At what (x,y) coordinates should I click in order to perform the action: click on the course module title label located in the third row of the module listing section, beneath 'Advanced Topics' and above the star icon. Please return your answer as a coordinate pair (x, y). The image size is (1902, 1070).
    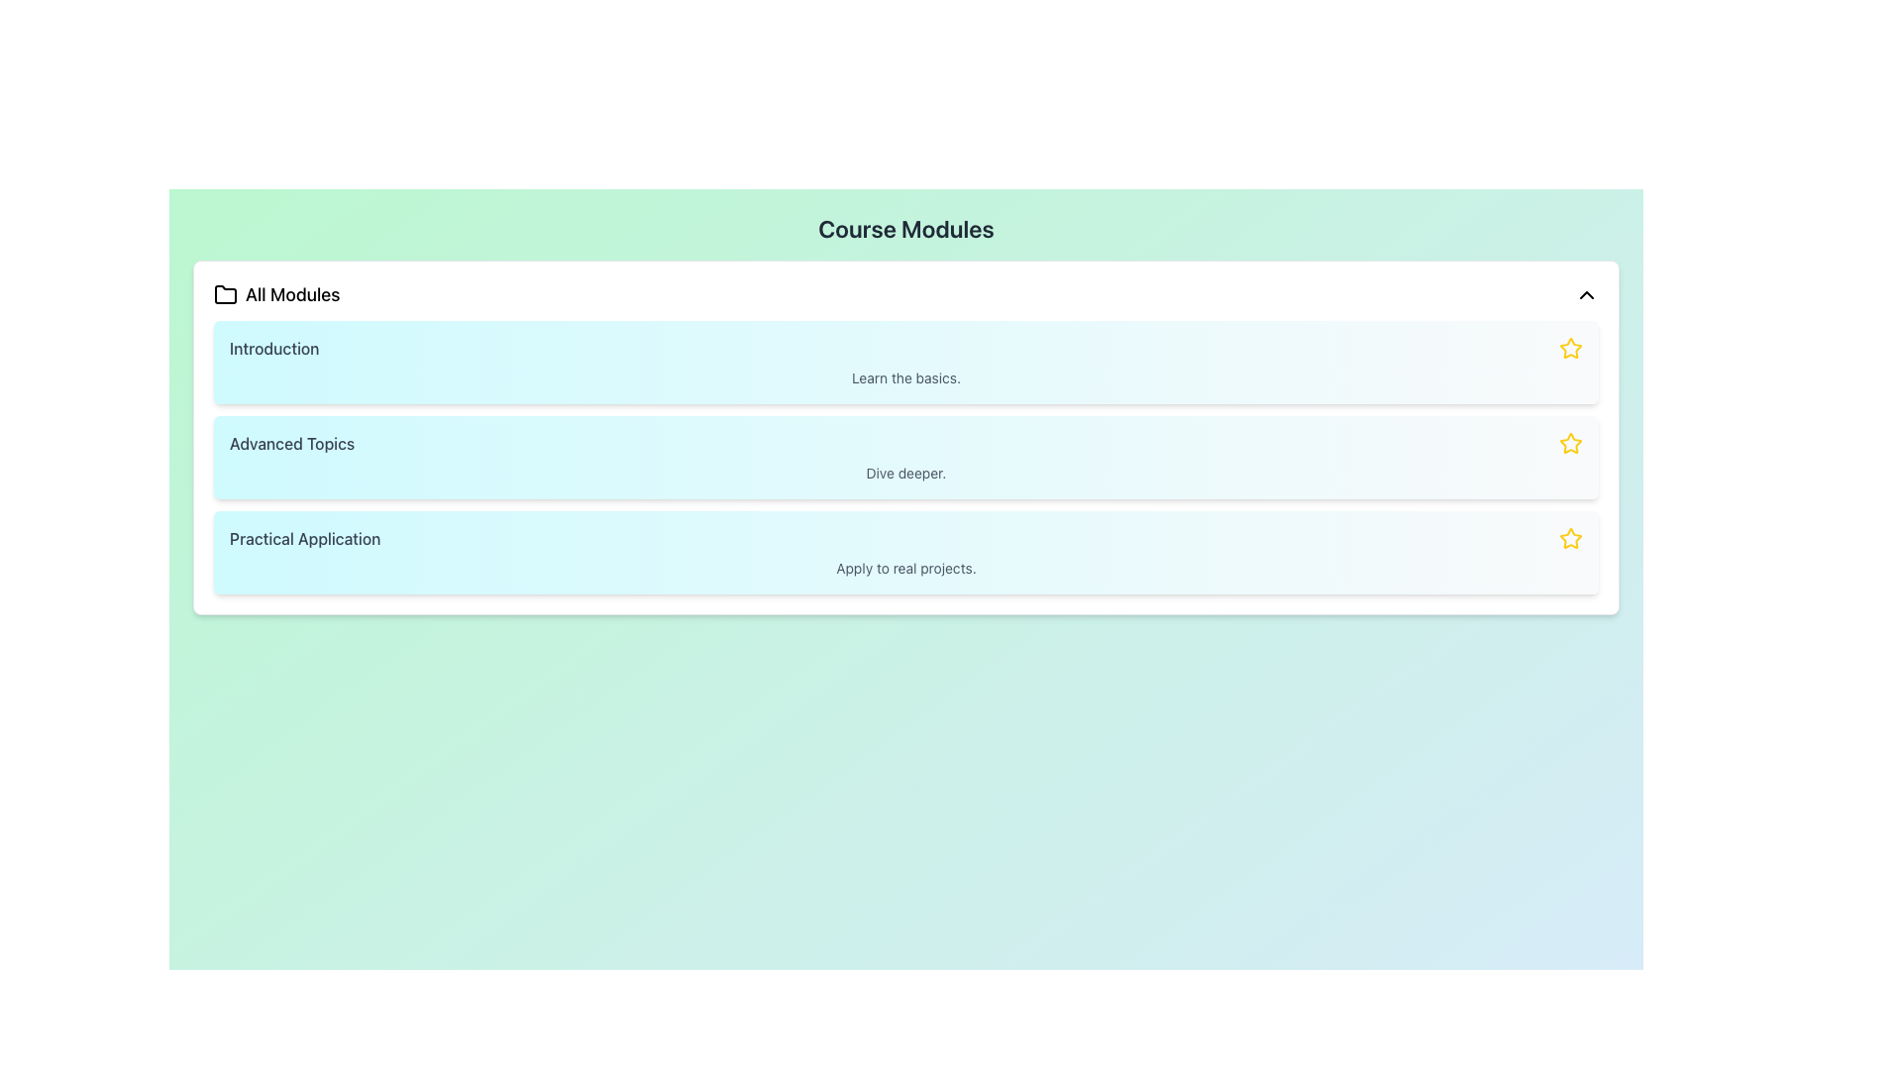
    Looking at the image, I should click on (304, 538).